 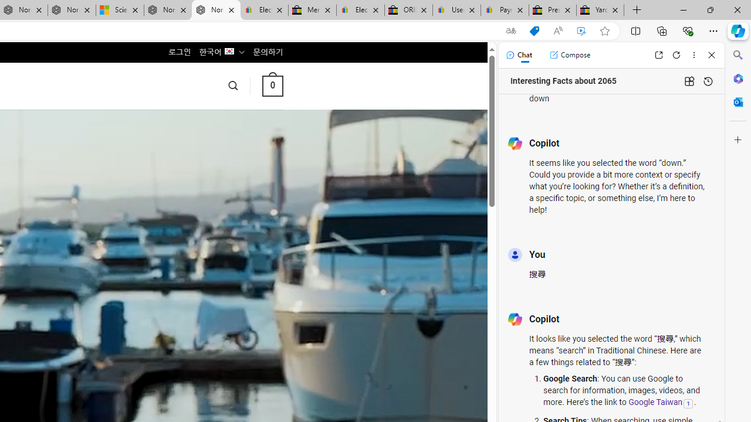 I want to click on 'Collections', so click(x=662, y=30).